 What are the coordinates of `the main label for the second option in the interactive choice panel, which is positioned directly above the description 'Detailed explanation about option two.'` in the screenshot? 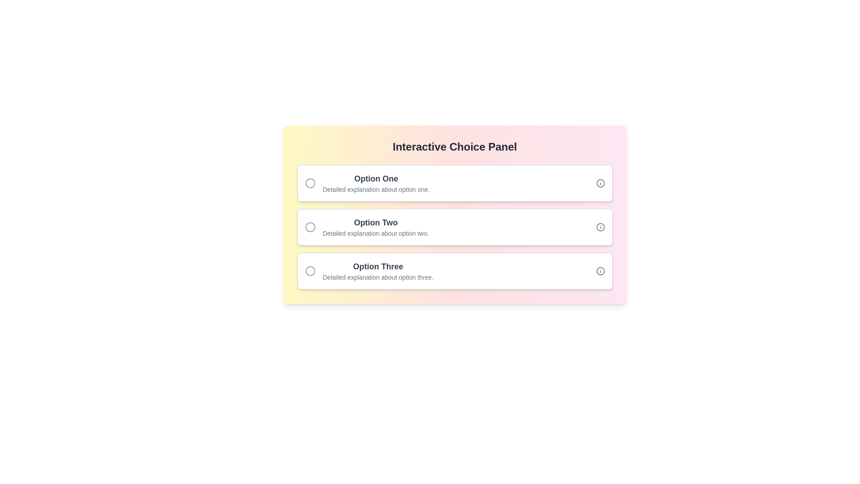 It's located at (376, 222).